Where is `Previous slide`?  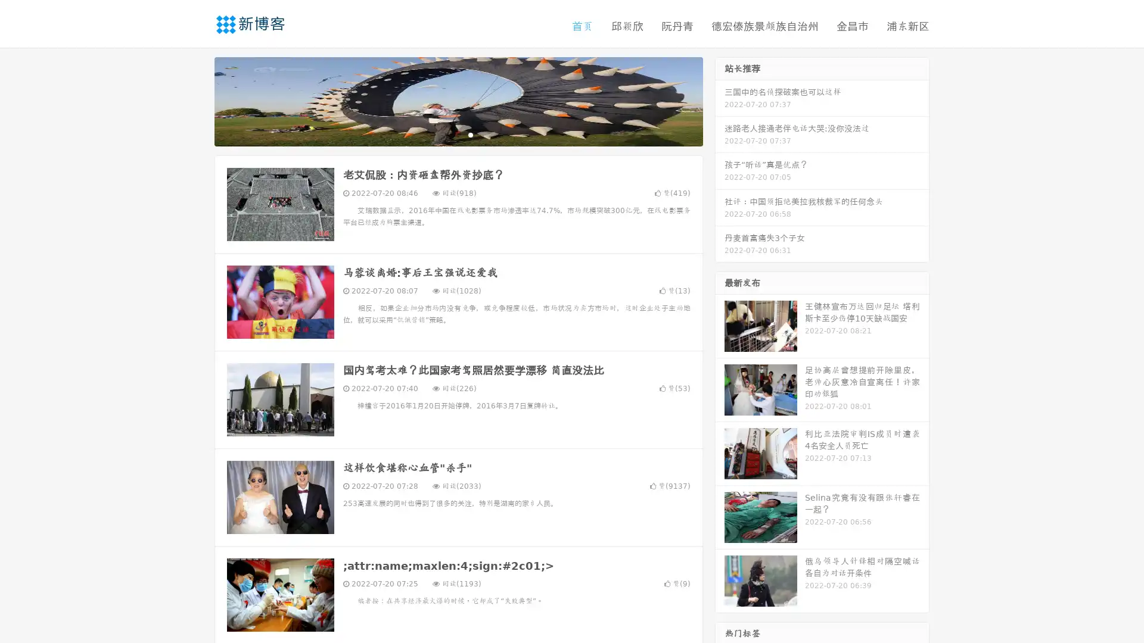 Previous slide is located at coordinates (197, 100).